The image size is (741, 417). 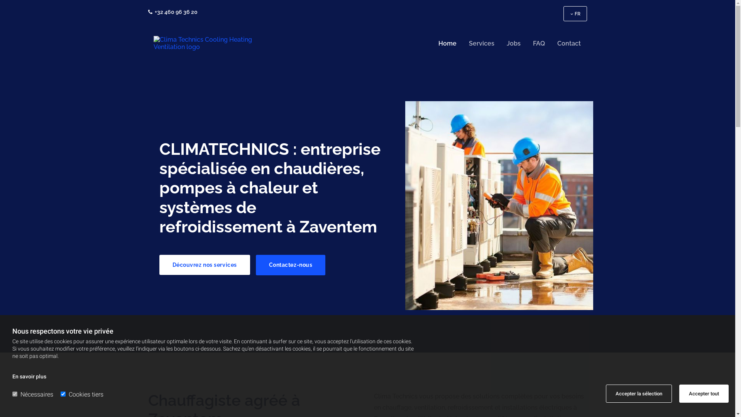 What do you see at coordinates (290, 264) in the screenshot?
I see `'Contactez-nous'` at bounding box center [290, 264].